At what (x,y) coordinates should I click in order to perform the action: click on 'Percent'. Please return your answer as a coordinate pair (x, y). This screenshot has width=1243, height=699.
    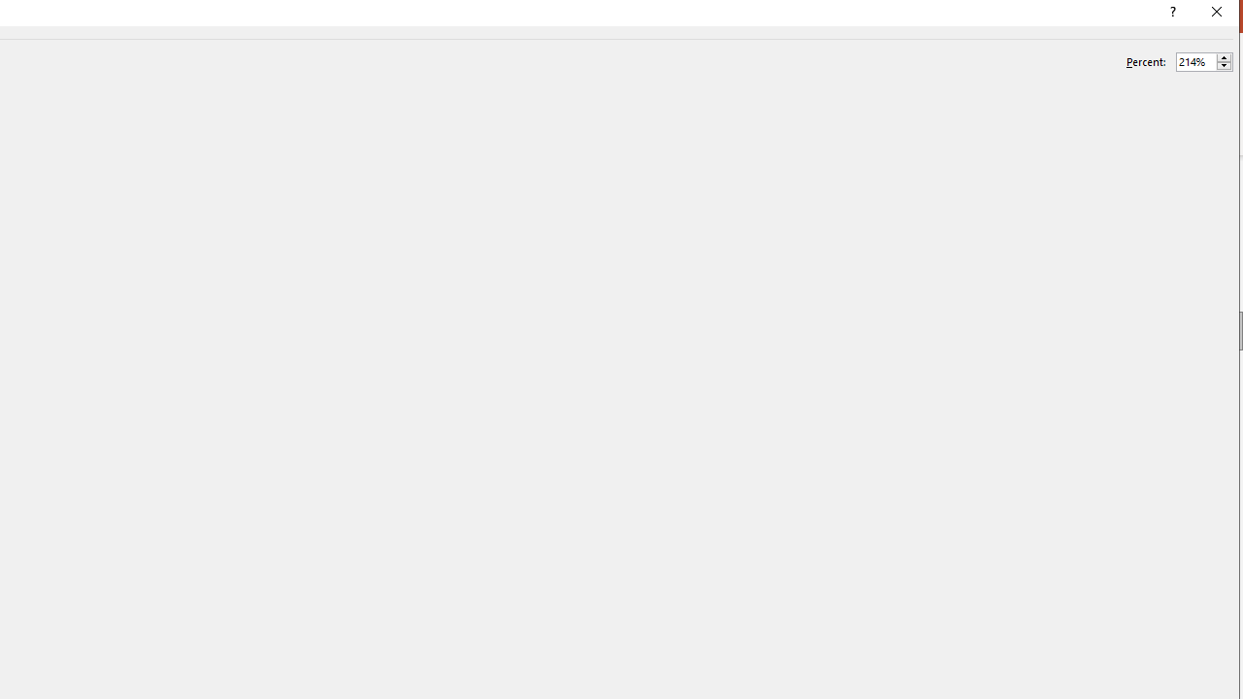
    Looking at the image, I should click on (1203, 61).